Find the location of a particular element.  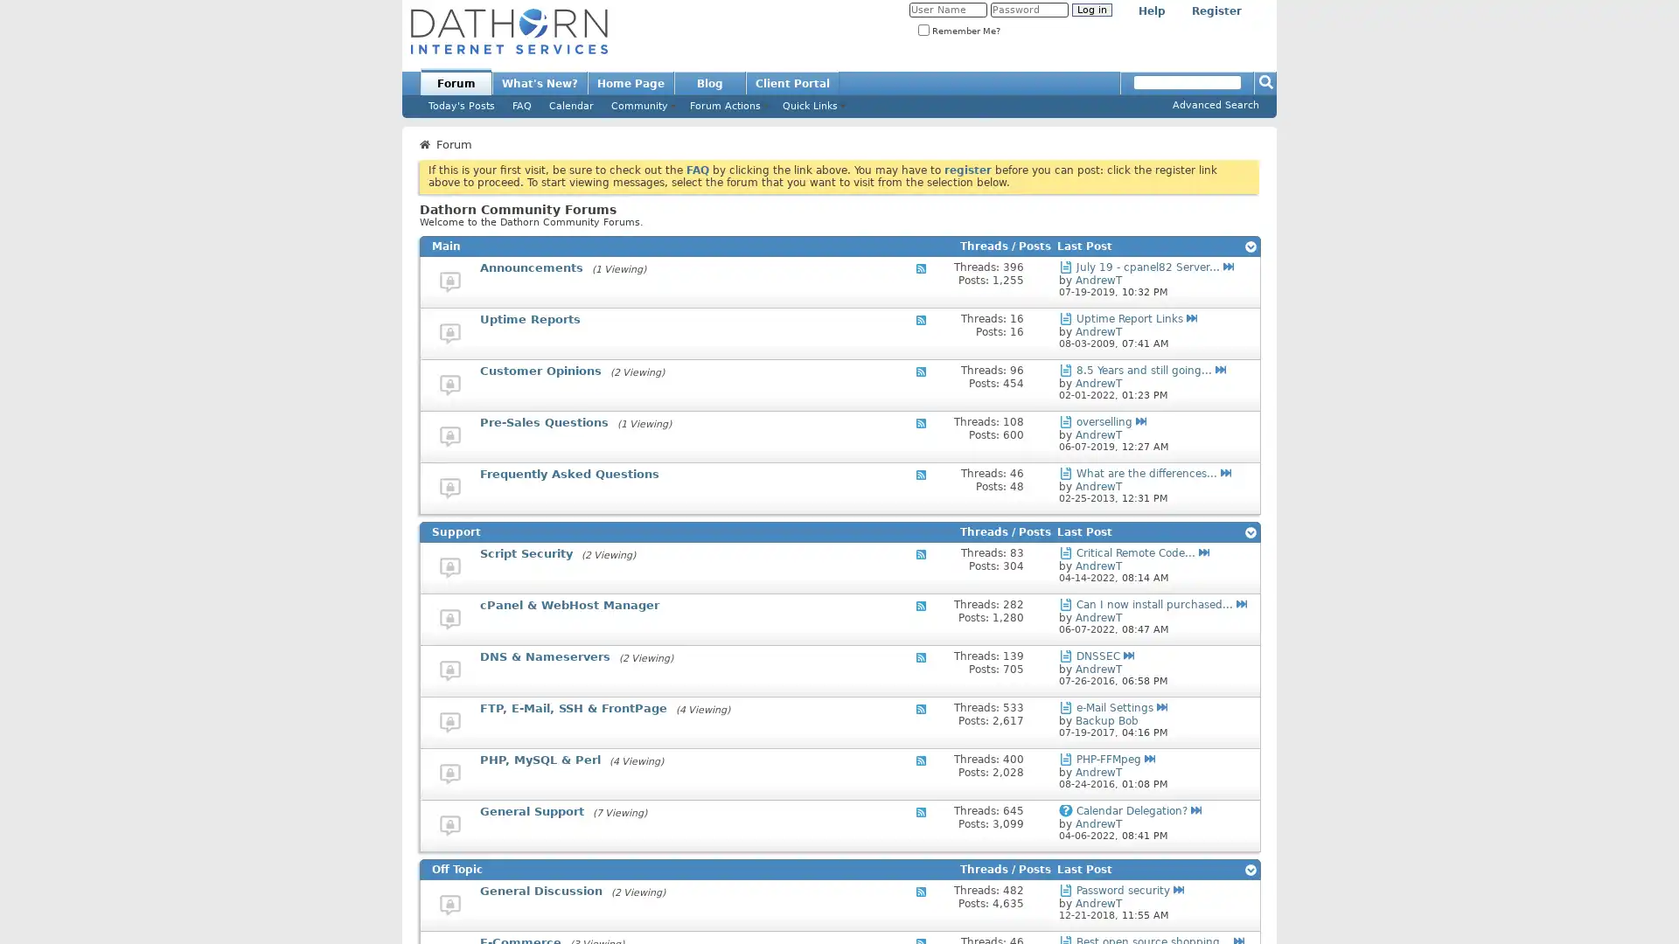

Submit is located at coordinates (1266, 81).